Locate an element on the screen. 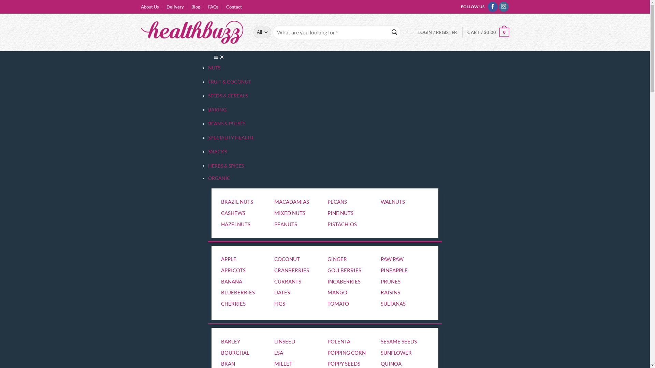 The image size is (655, 368). 'ORGANIC' is located at coordinates (219, 178).